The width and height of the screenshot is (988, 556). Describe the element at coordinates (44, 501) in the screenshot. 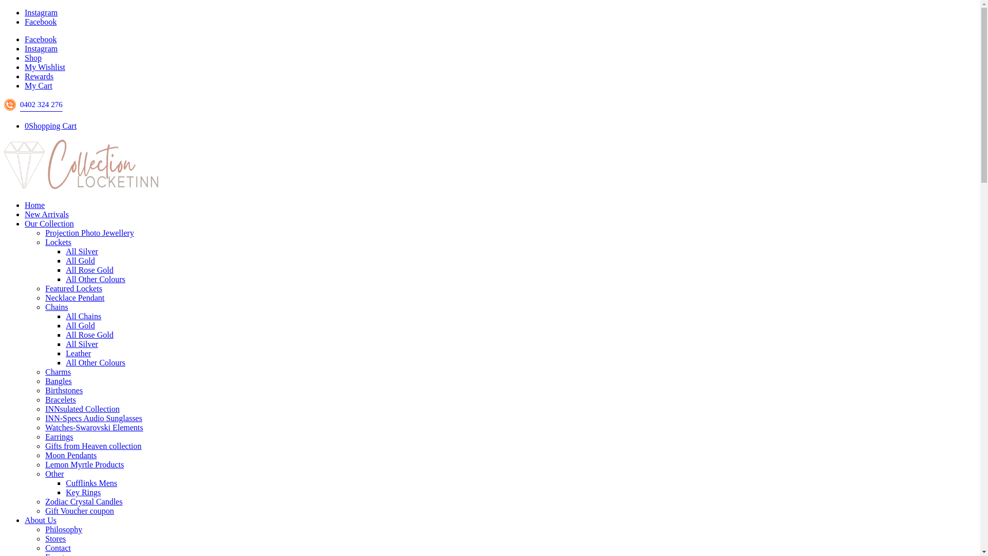

I see `'Zodiac Crystal Candles'` at that location.